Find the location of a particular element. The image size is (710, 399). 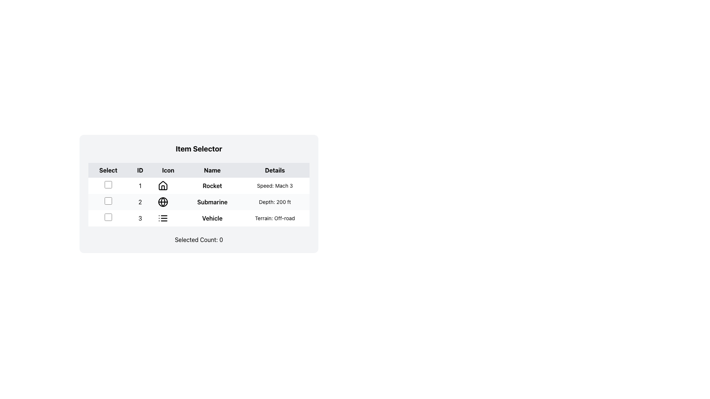

the checkbox in the third row of the table under the 'Select' column is located at coordinates (108, 218).